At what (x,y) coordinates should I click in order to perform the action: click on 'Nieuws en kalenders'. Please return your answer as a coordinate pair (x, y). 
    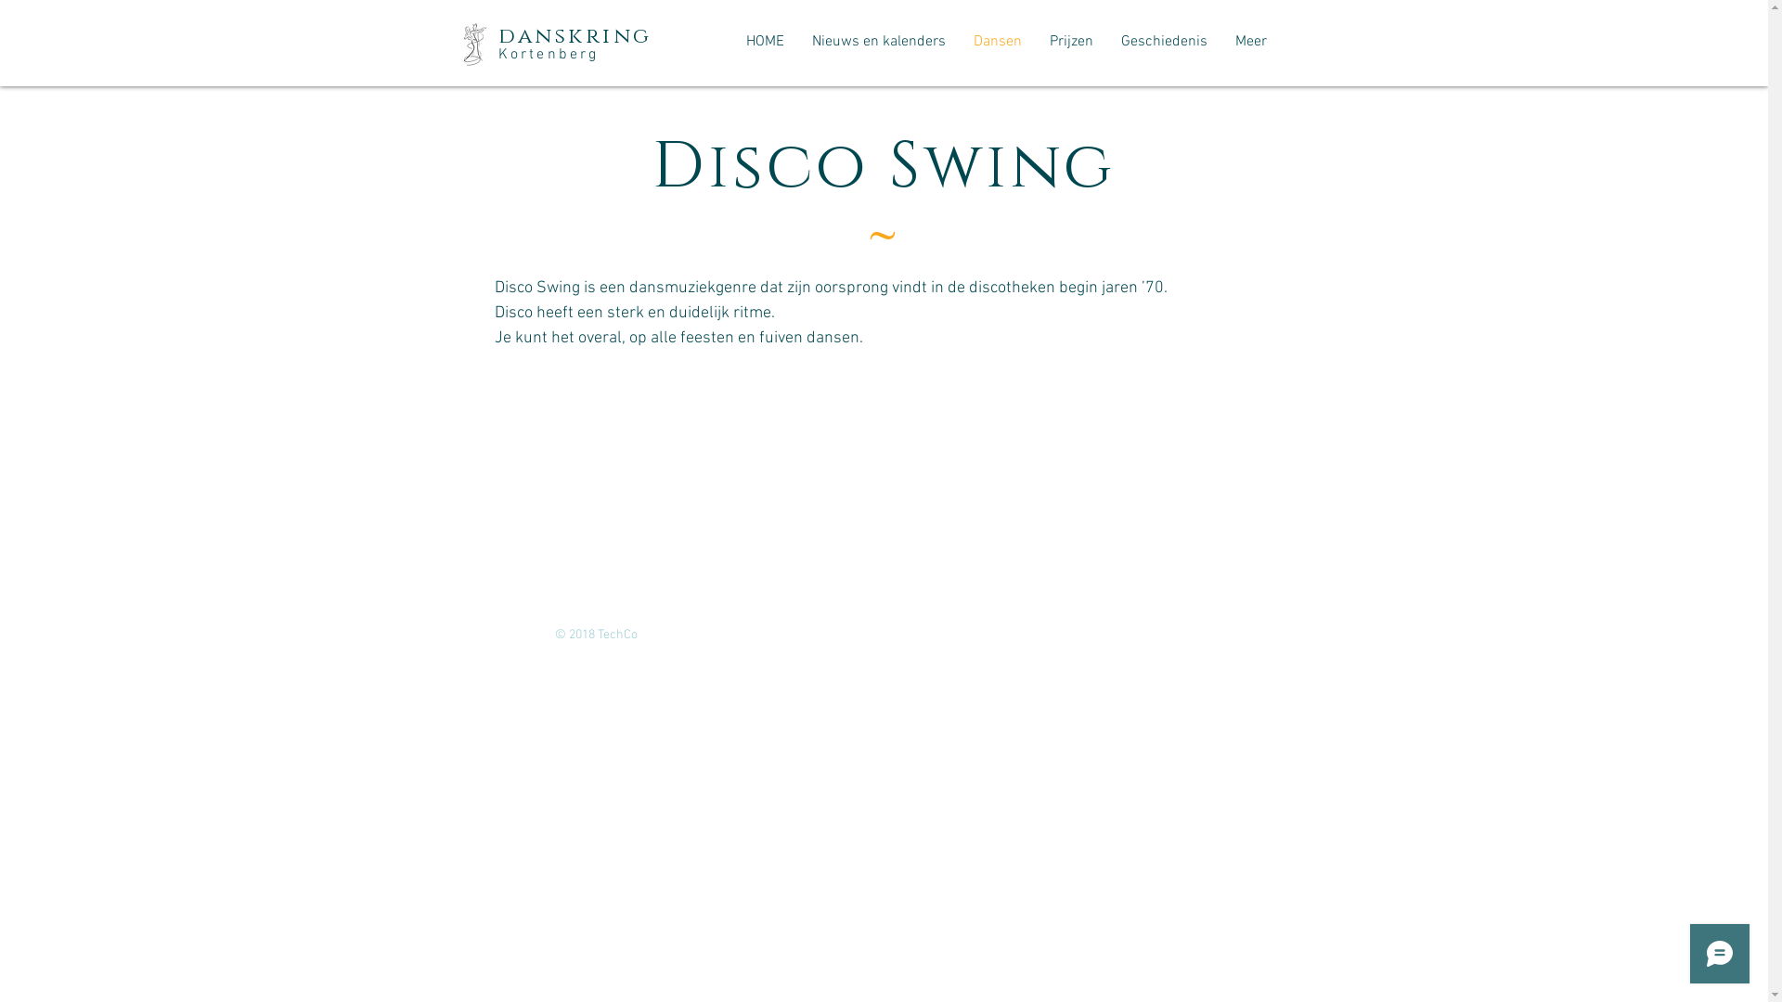
    Looking at the image, I should click on (877, 42).